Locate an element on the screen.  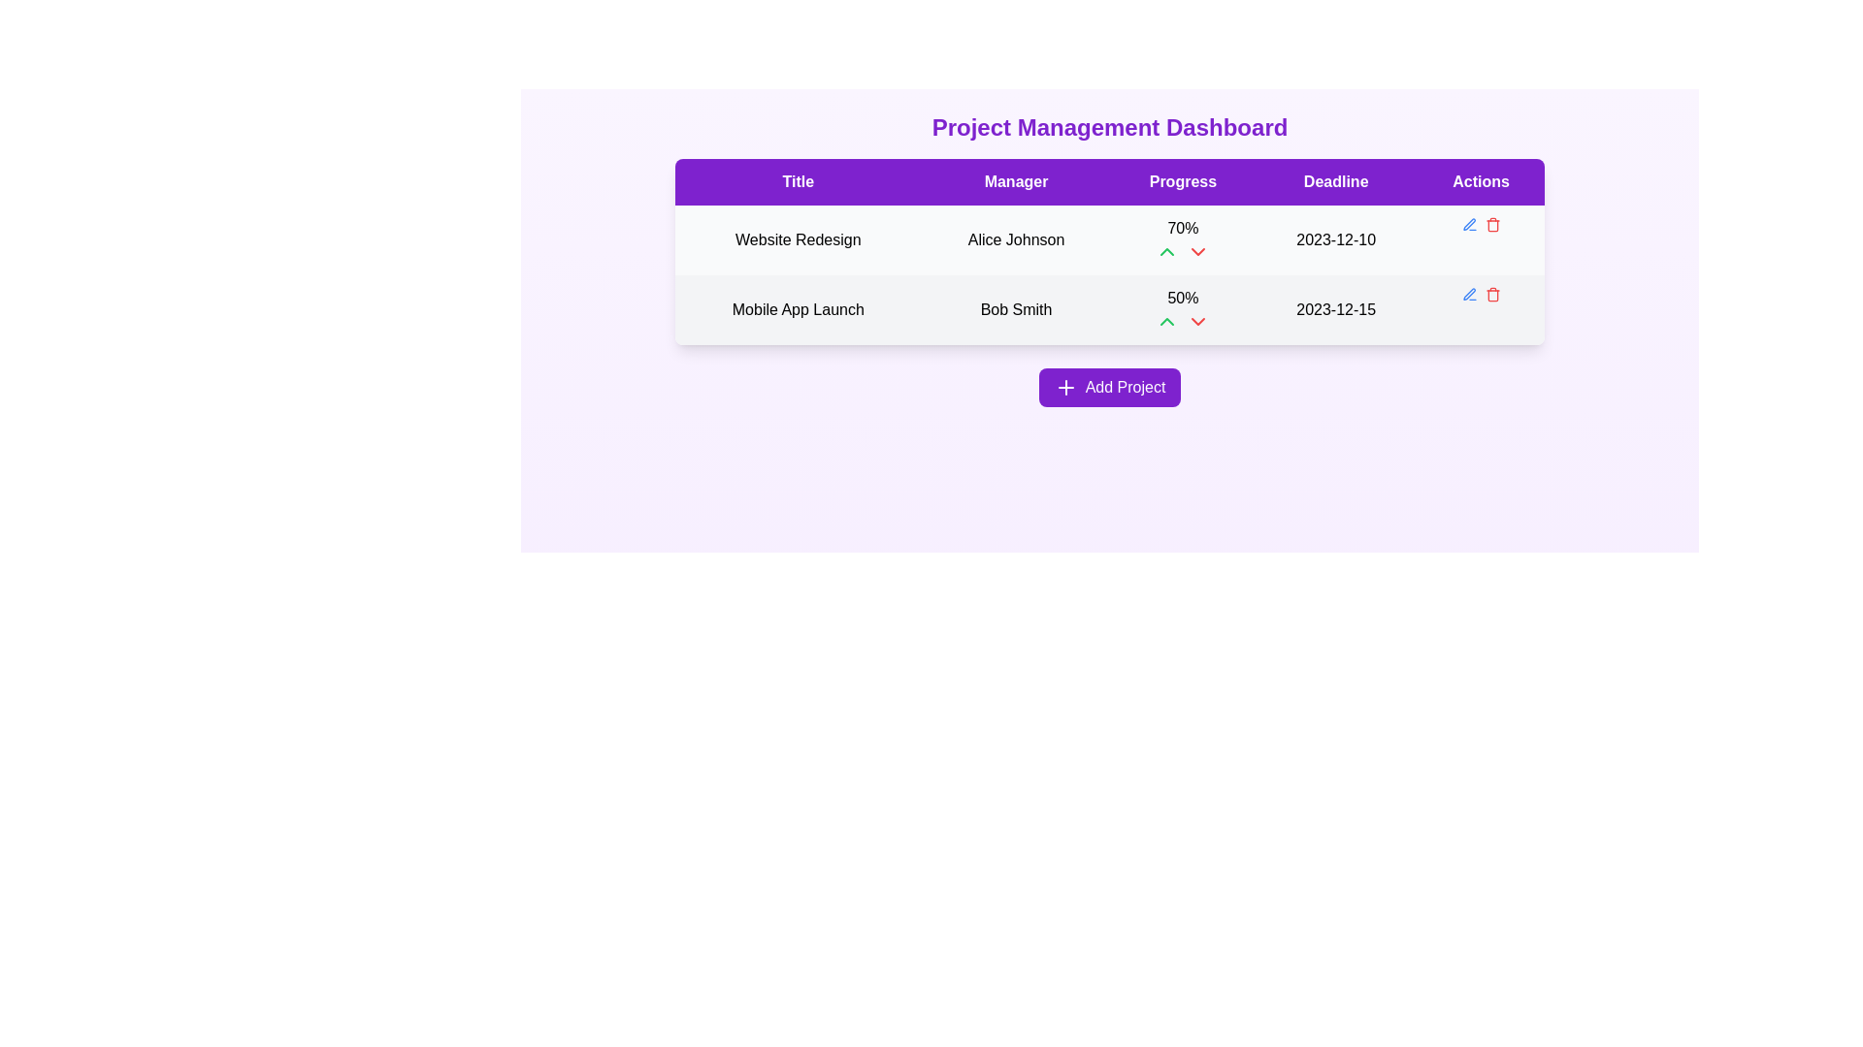
the addition SVG icon located on the left side of the 'Add Project' button is located at coordinates (1064, 388).